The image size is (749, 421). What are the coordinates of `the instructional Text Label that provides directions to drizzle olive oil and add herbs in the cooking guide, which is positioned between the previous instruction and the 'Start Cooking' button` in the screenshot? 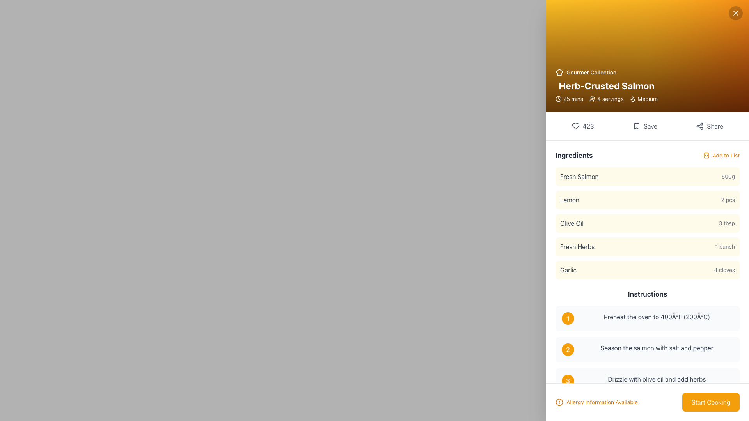 It's located at (657, 380).